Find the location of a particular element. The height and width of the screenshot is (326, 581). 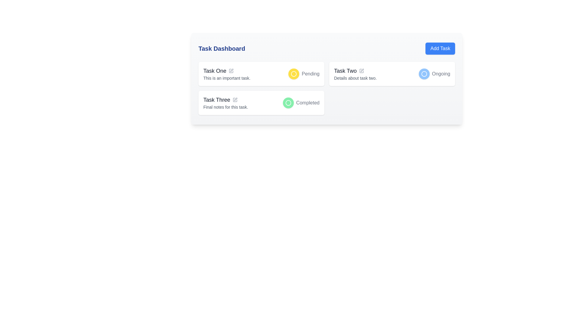

the completion status icon for 'Task Three', which is located within the green rounded button on the right side of the task dashboard is located at coordinates (288, 102).